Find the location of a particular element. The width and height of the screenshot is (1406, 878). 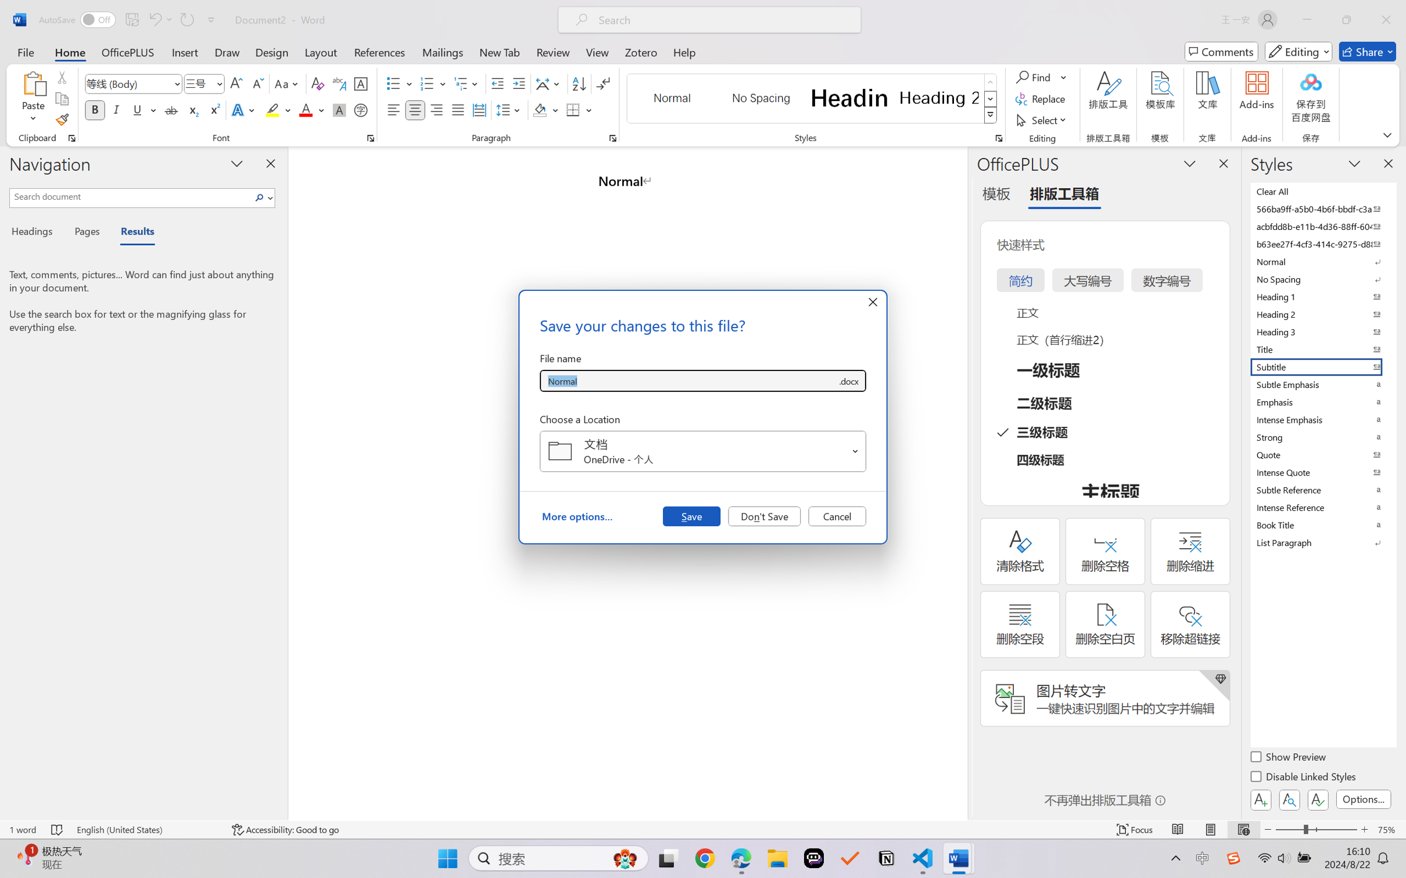

'Text Effects and Typography' is located at coordinates (244, 109).